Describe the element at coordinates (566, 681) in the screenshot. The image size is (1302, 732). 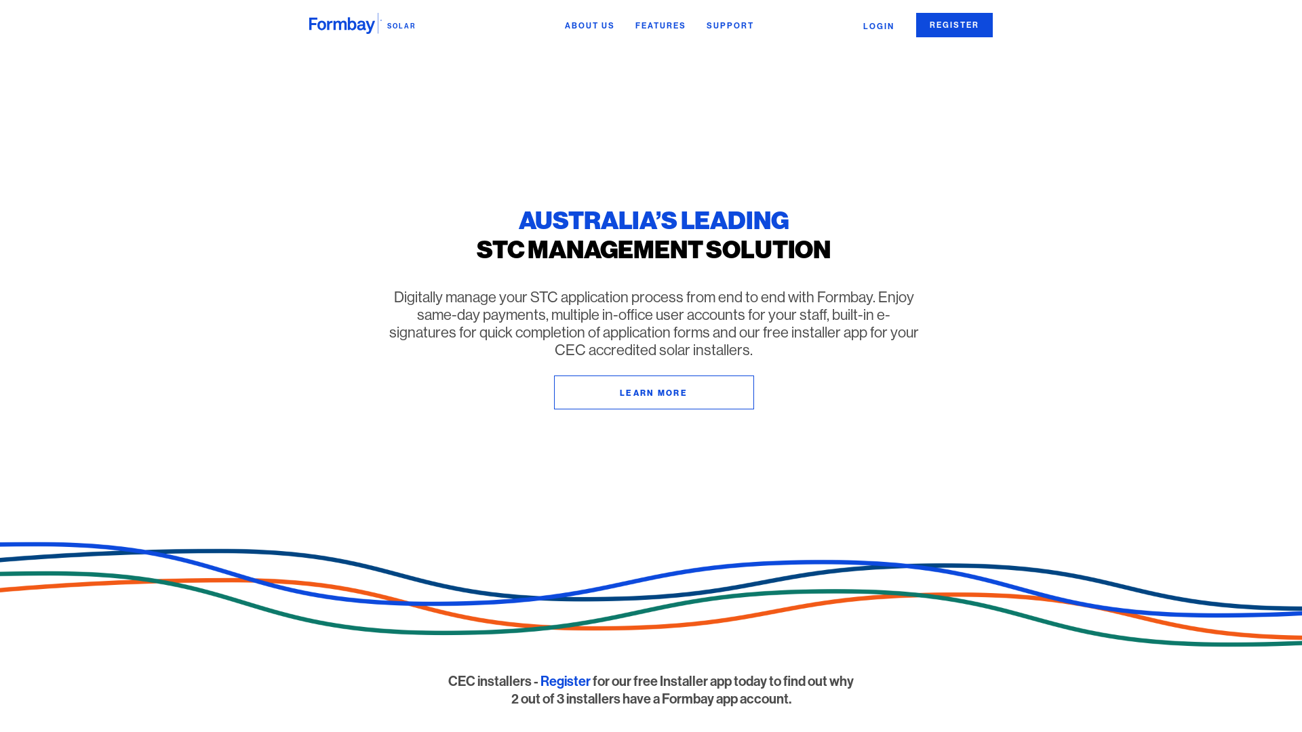
I see `'Register'` at that location.